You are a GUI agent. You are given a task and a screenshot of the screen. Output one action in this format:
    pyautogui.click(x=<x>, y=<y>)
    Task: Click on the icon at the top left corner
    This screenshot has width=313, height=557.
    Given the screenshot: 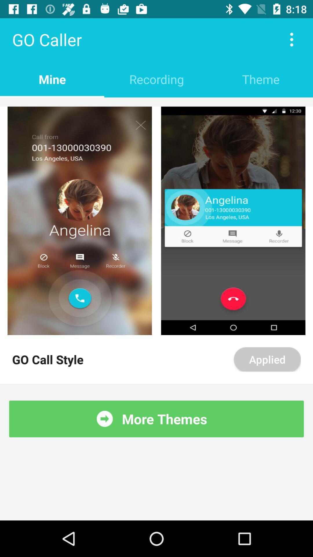 What is the action you would take?
    pyautogui.click(x=52, y=79)
    